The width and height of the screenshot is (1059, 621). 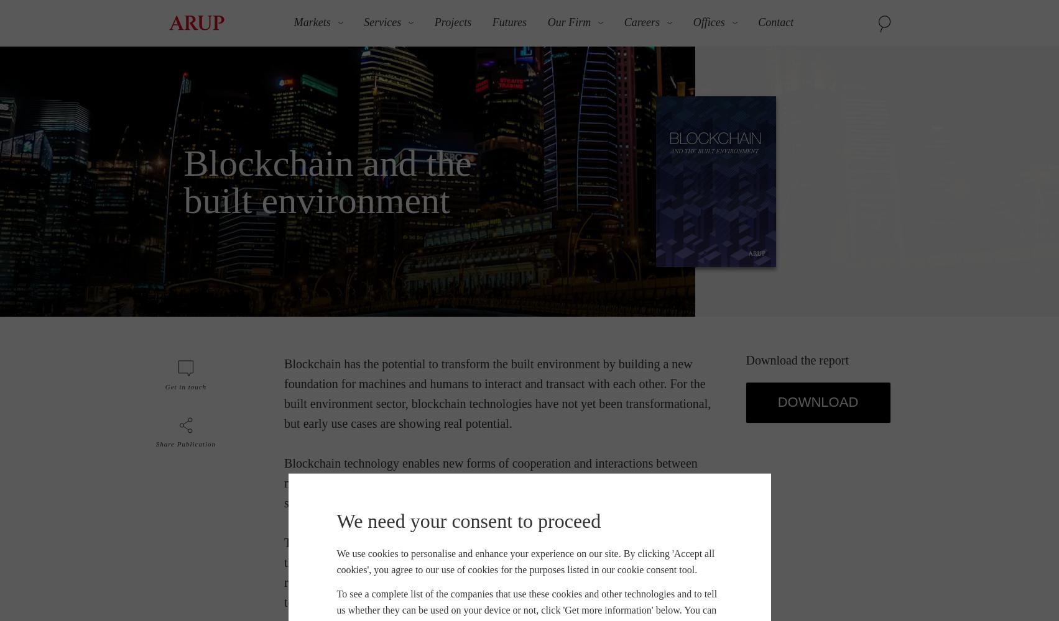 I want to click on 'Singapore', so click(x=734, y=288).